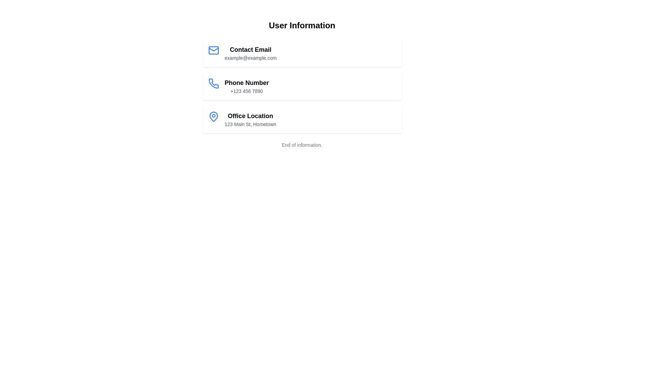 This screenshot has width=664, height=373. What do you see at coordinates (302, 145) in the screenshot?
I see `static text element located at the bottom of the user information cards, serving as a footer-like message indicating the conclusion of the information presented` at bounding box center [302, 145].